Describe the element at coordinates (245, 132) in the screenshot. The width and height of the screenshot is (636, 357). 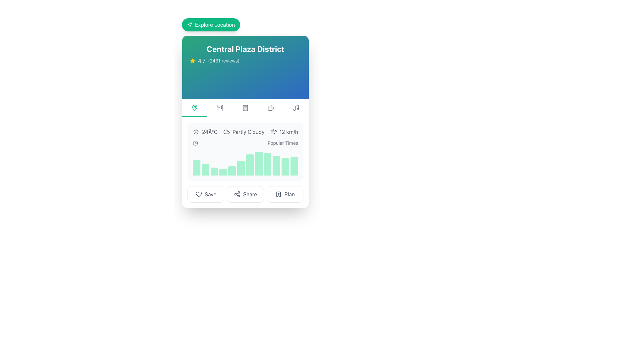
I see `the Informational display showing weather information, including temperature, weather condition, and wind speed, located below 'Central Plaza District' and above the 'Popular Times' graph` at that location.